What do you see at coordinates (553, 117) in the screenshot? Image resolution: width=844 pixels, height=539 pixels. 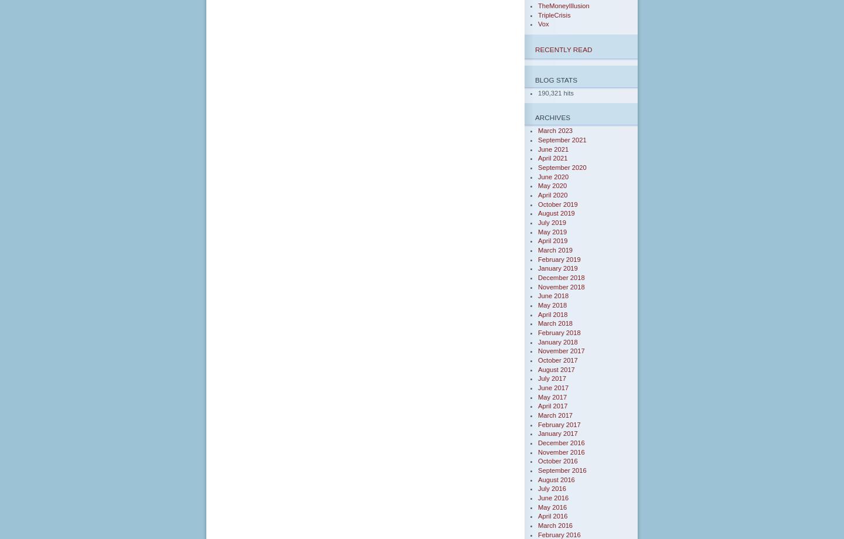 I see `'Archives'` at bounding box center [553, 117].